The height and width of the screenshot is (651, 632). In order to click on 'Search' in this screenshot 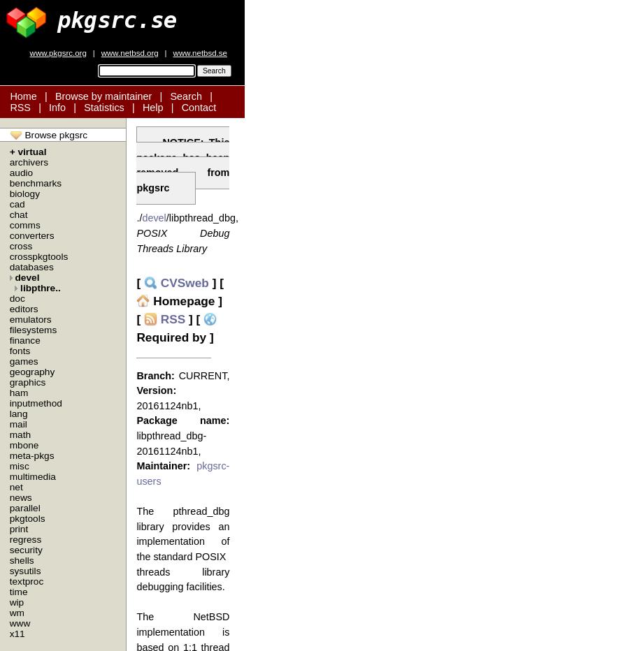, I will do `click(185, 95)`.